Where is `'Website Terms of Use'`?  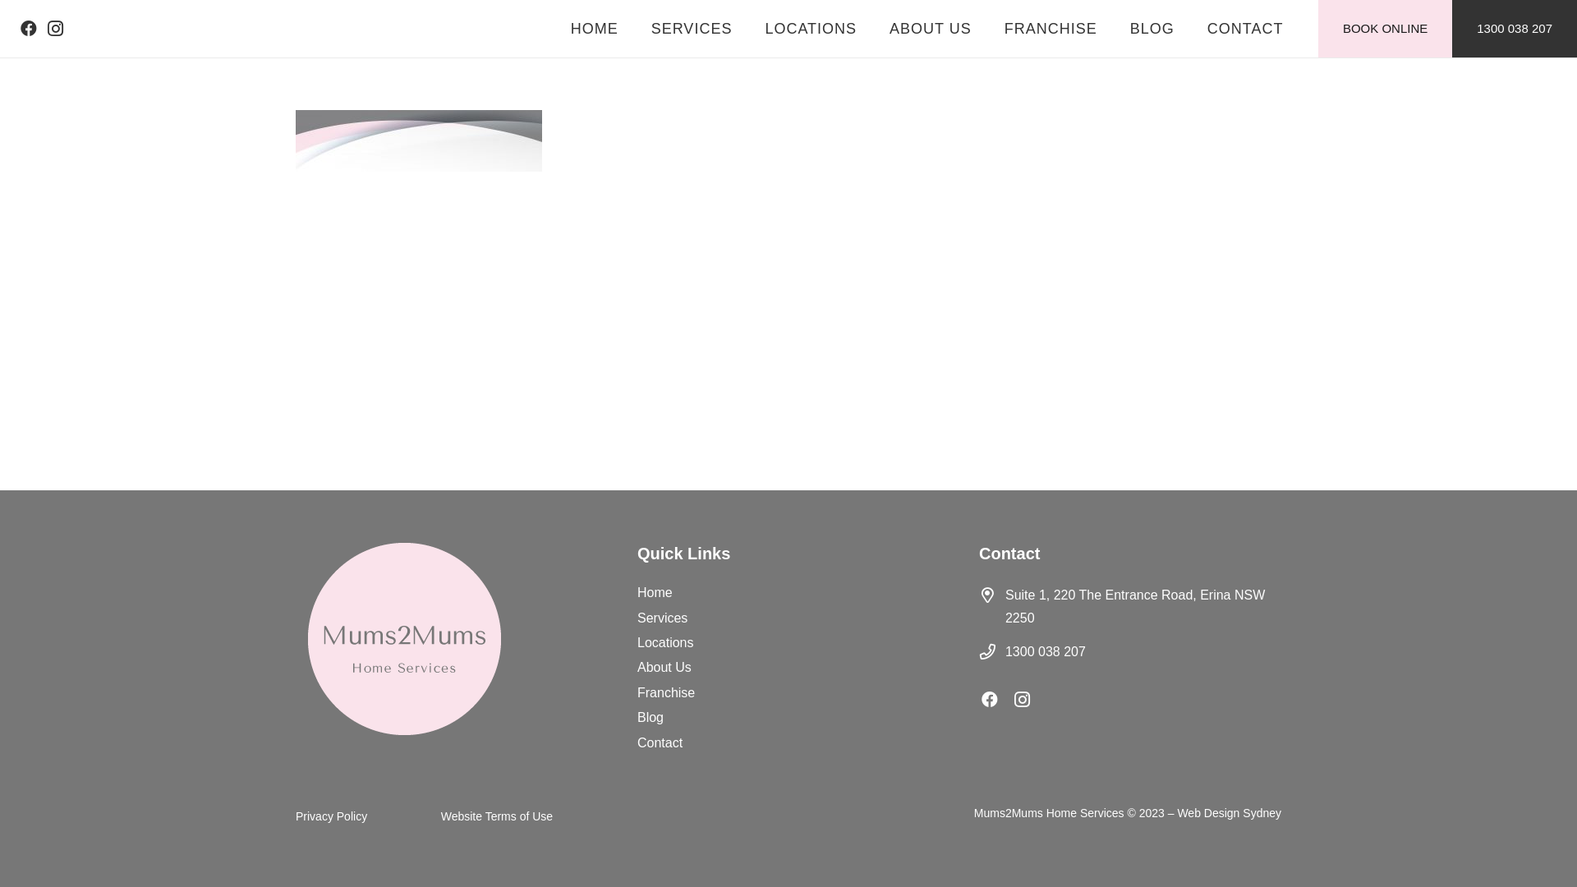 'Website Terms of Use' is located at coordinates (495, 816).